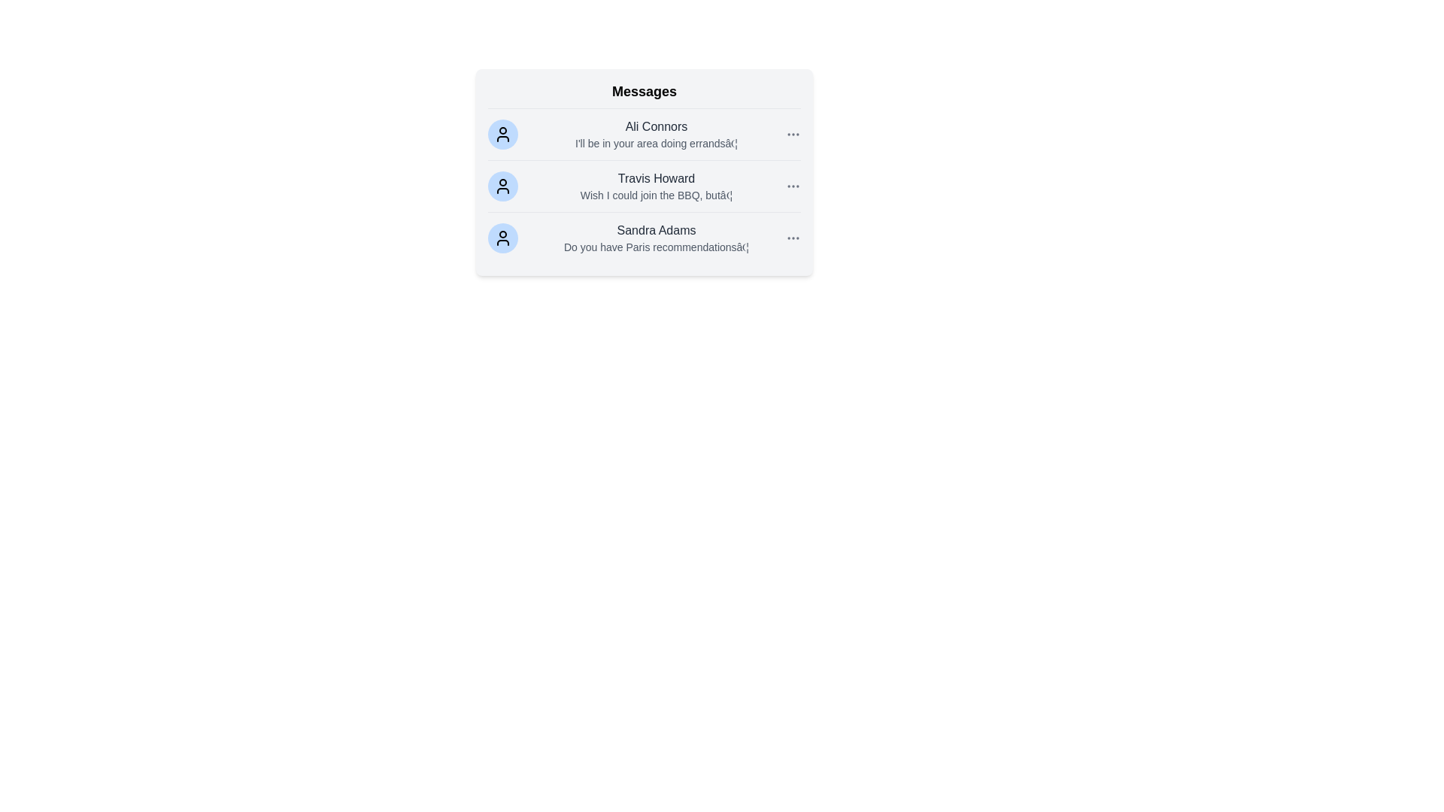 The height and width of the screenshot is (812, 1444). Describe the element at coordinates (657, 231) in the screenshot. I see `the text label displaying 'Sandra Adams' for additional actions` at that location.